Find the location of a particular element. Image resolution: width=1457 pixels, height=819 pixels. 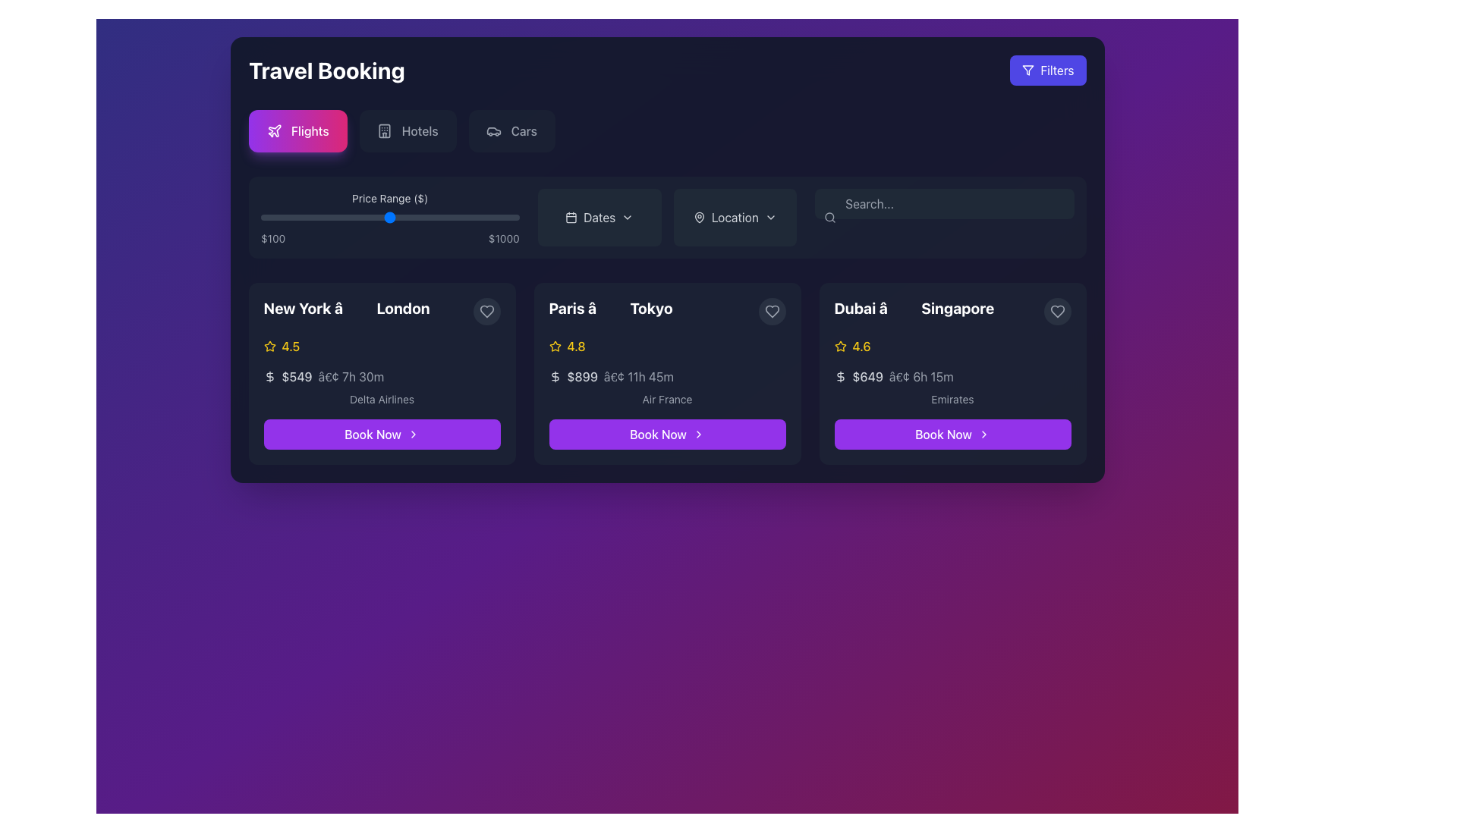

the favorite button located in the upper-right corner of the travel information card for 'New York to London' is located at coordinates (486, 311).